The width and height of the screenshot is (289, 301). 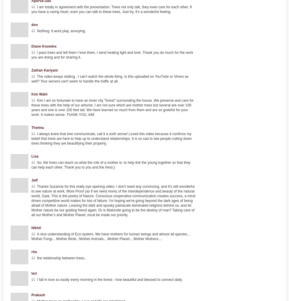 I want to click on 'I am totally in agreement with the presentation. Trees not only talk, they even care for each other. If you have a caring heart, even you can talk to these trees. Just try, it's a wonderful feeling.', so click(x=111, y=9).